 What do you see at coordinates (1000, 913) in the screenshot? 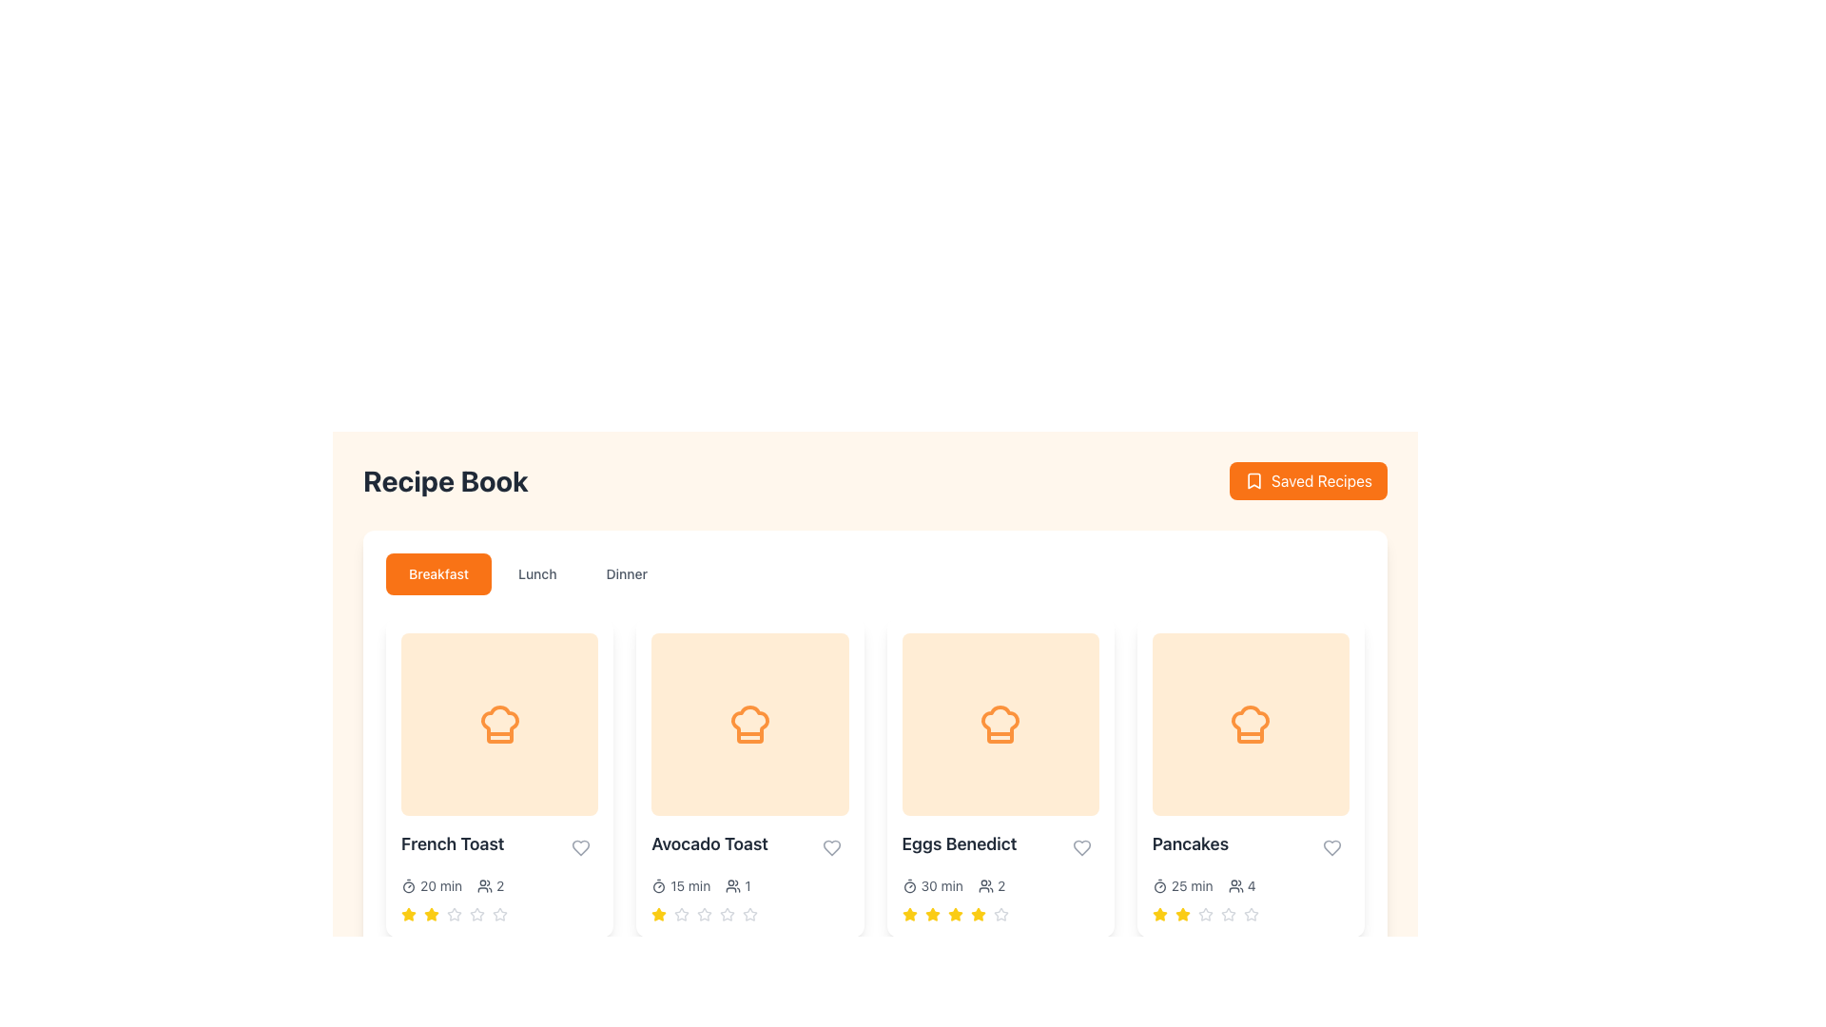
I see `the fifth rating star icon representing the highest rating level for the 'Eggs Benedict' recipe, located in the center-right portion of the recipe grid` at bounding box center [1000, 913].